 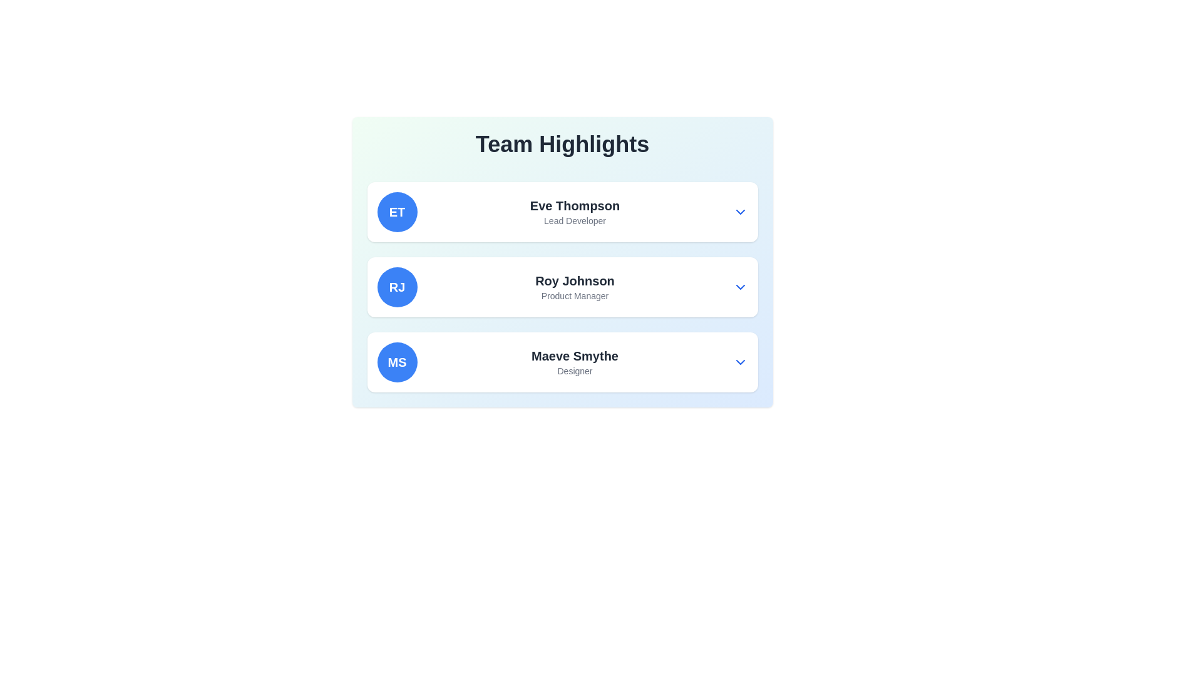 I want to click on the text block identifying Maeve Smythe as a Designer, located in the third row under 'Team Highlights' and positioned to the right of the circular avatar labeled 'MS', so click(x=574, y=362).